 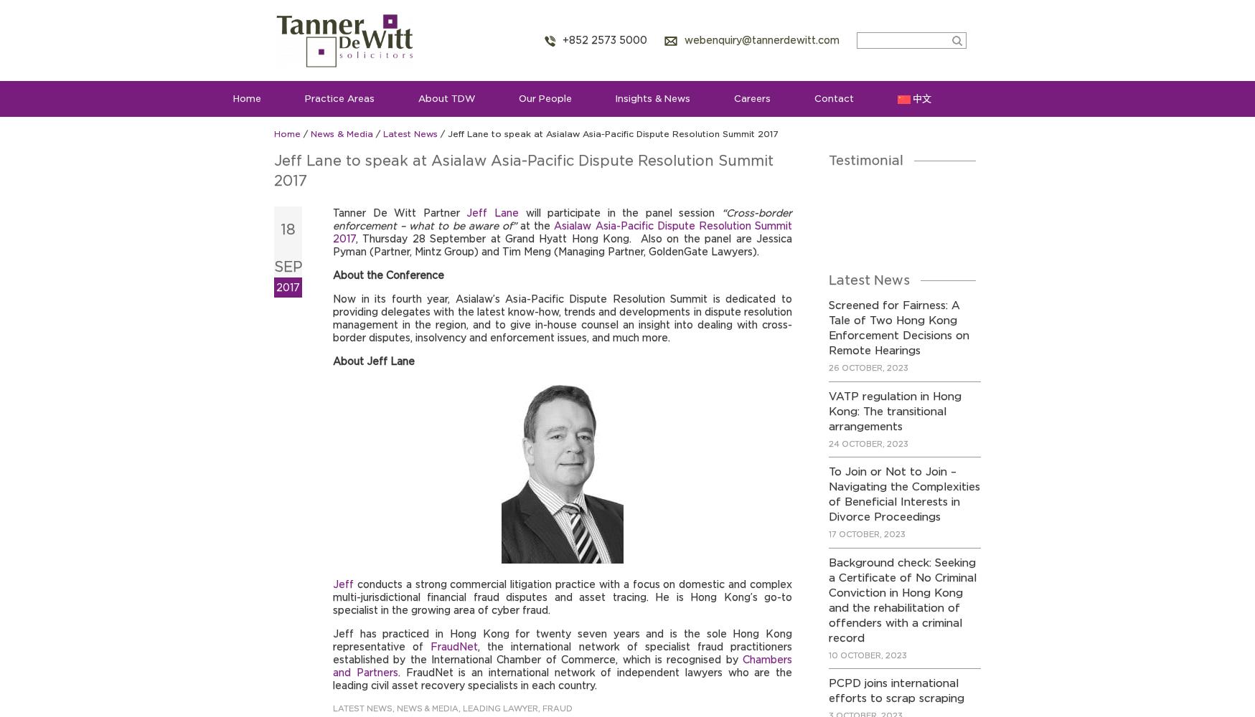 I want to click on 'Chambers and Partners', so click(x=563, y=666).